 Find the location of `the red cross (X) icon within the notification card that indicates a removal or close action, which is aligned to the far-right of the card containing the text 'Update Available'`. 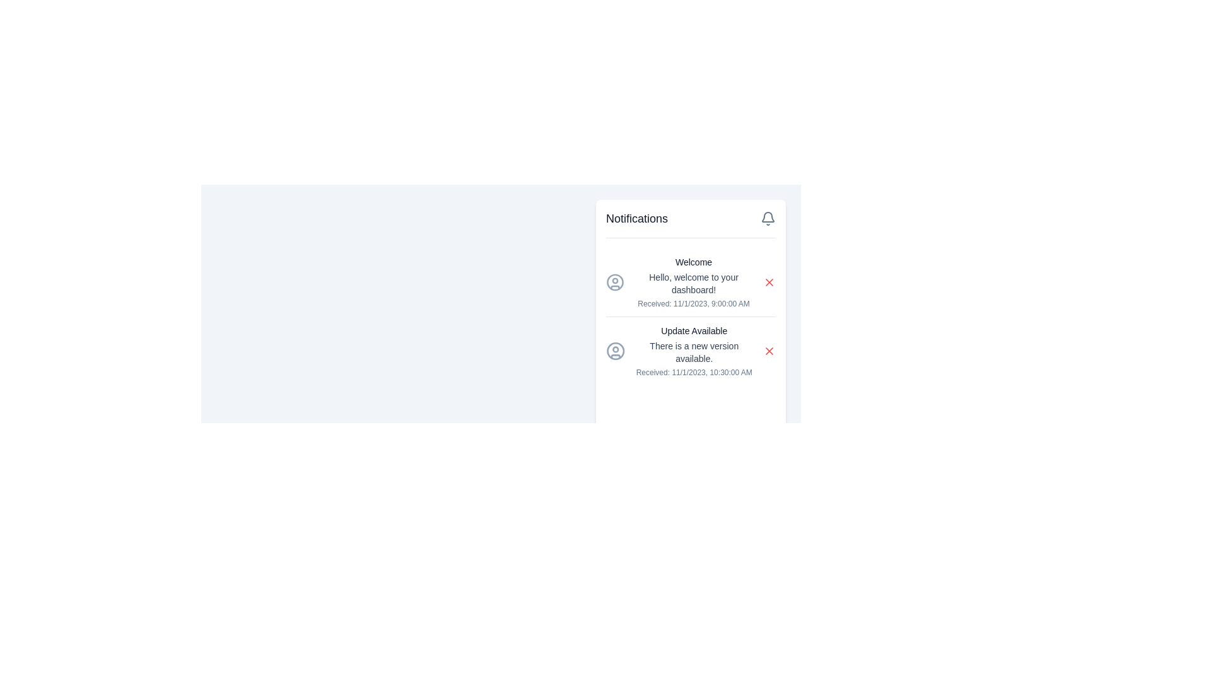

the red cross (X) icon within the notification card that indicates a removal or close action, which is aligned to the far-right of the card containing the text 'Update Available' is located at coordinates (768, 351).